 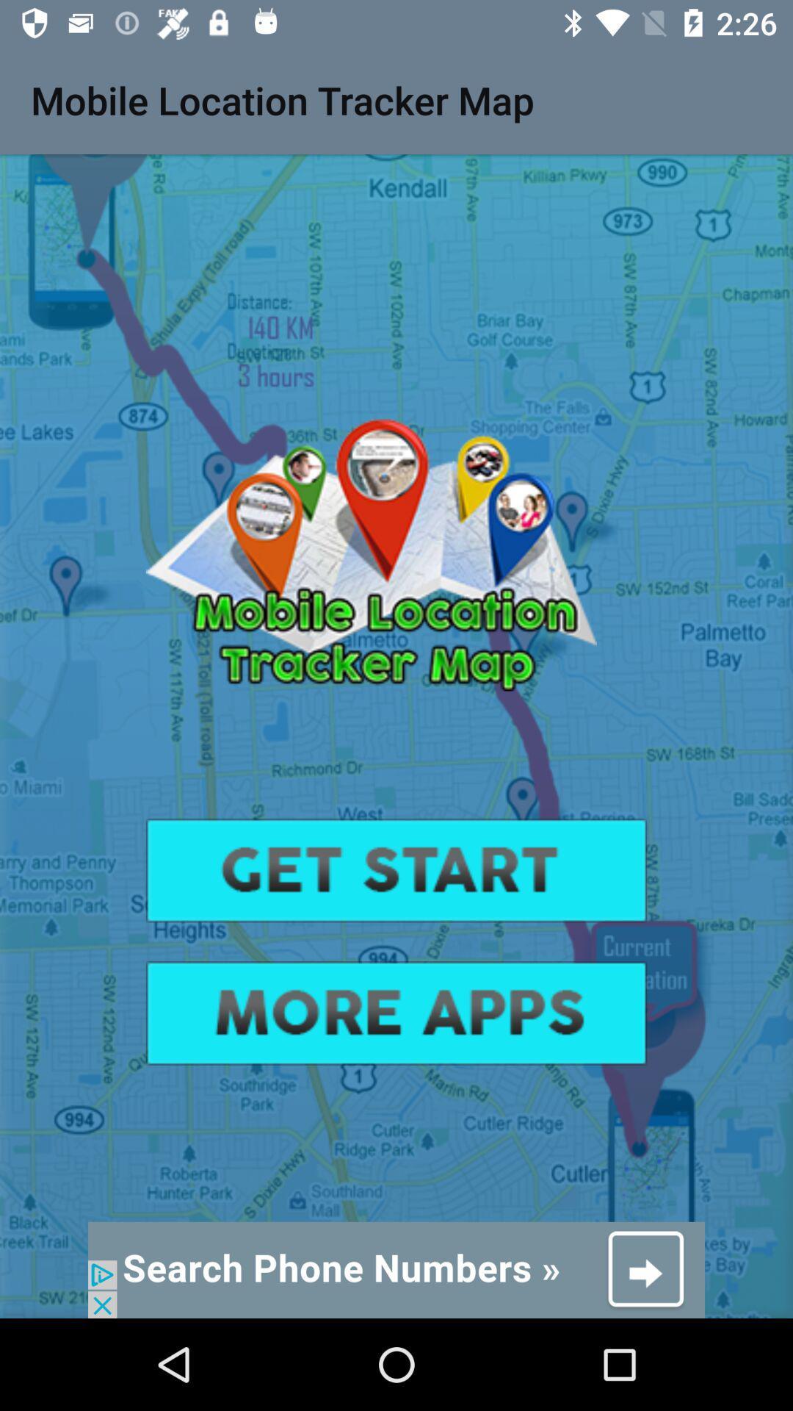 What do you see at coordinates (396, 1012) in the screenshot?
I see `find out more apps` at bounding box center [396, 1012].